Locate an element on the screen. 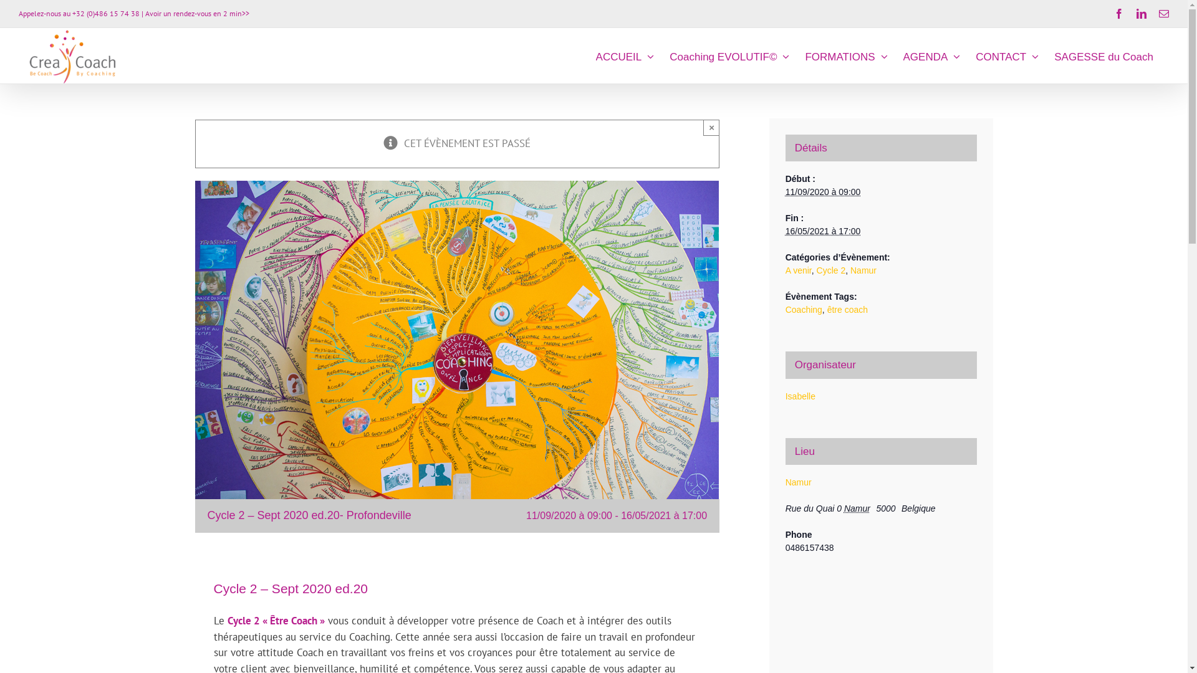  'A venir' is located at coordinates (799, 270).